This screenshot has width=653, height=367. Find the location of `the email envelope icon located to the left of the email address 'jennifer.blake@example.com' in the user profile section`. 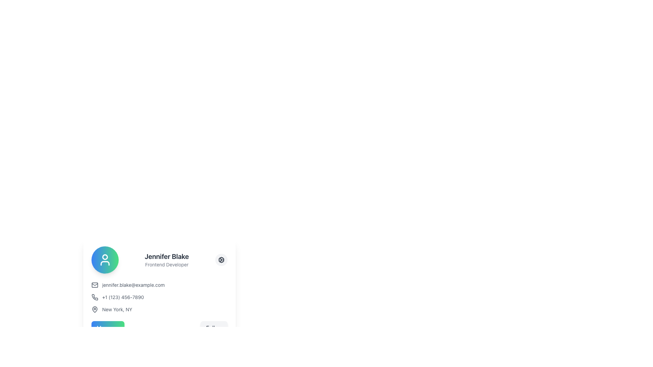

the email envelope icon located to the left of the email address 'jennifer.blake@example.com' in the user profile section is located at coordinates (94, 285).